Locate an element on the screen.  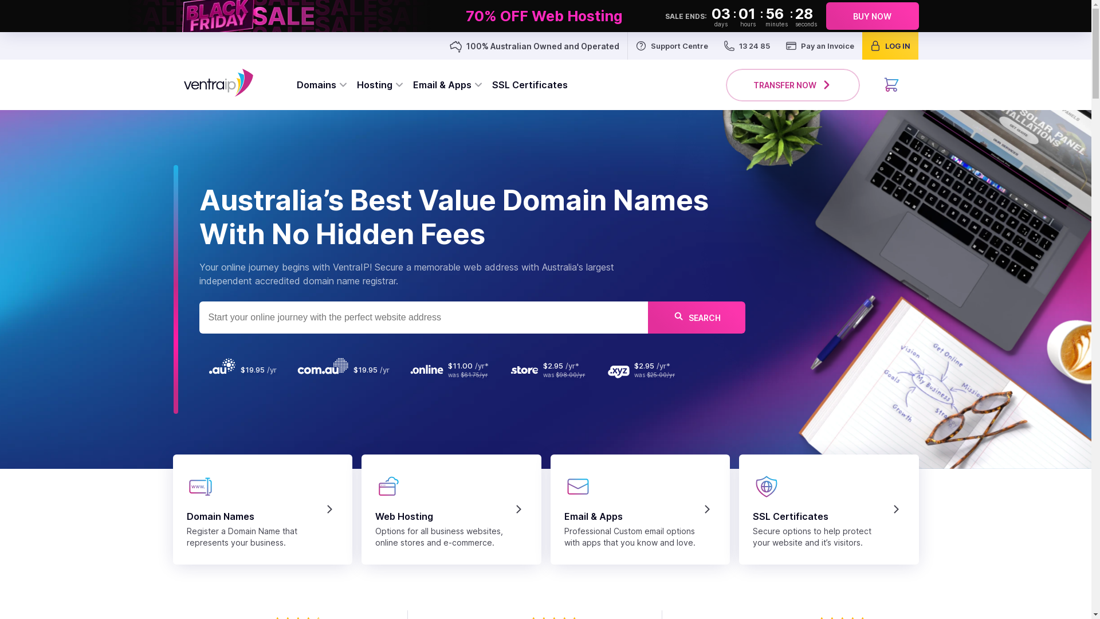
'13 24 85' is located at coordinates (747, 45).